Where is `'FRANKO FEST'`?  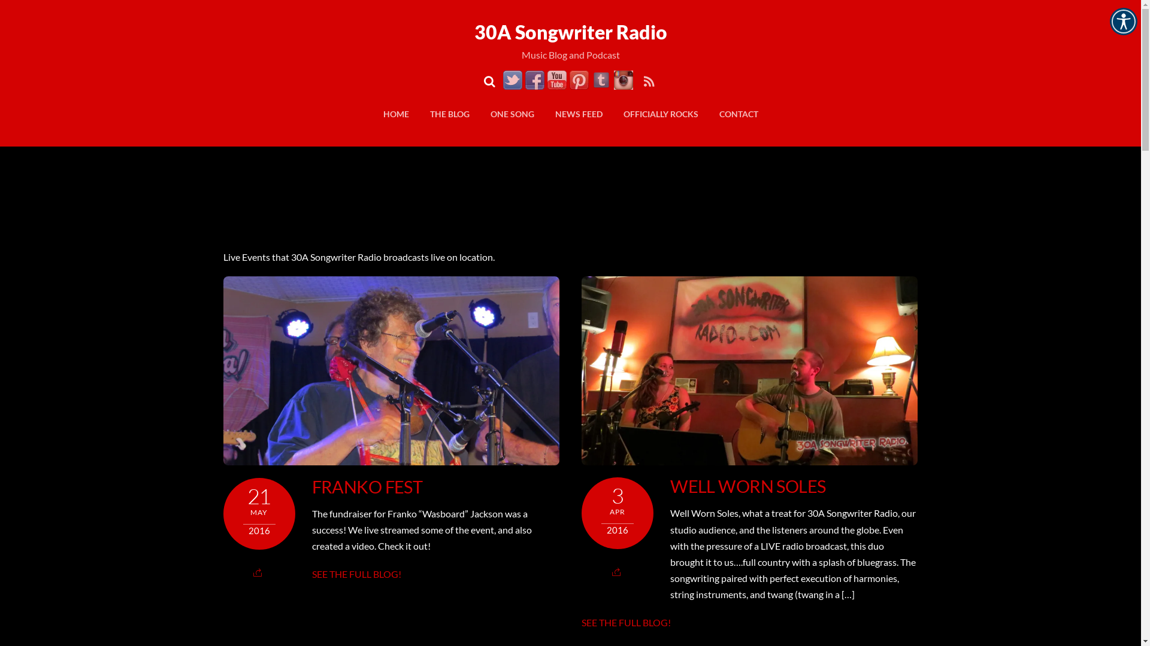
'FRANKO FEST' is located at coordinates (312, 486).